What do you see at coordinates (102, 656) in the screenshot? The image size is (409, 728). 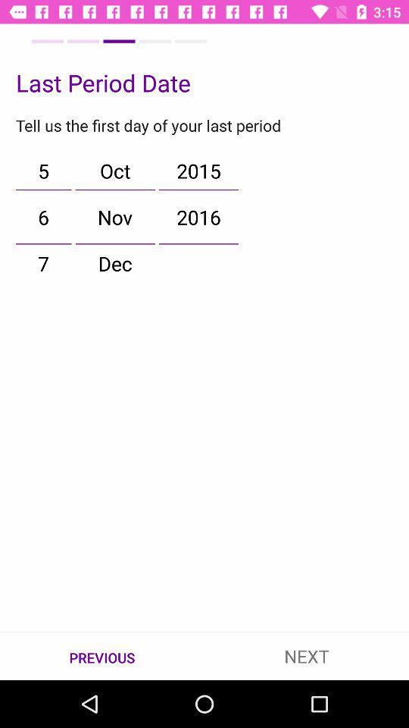 I see `the icon at the bottom left corner` at bounding box center [102, 656].